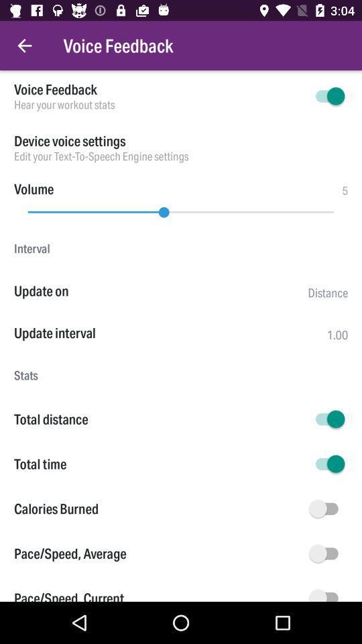 This screenshot has height=644, width=362. I want to click on the edit your text, so click(181, 156).